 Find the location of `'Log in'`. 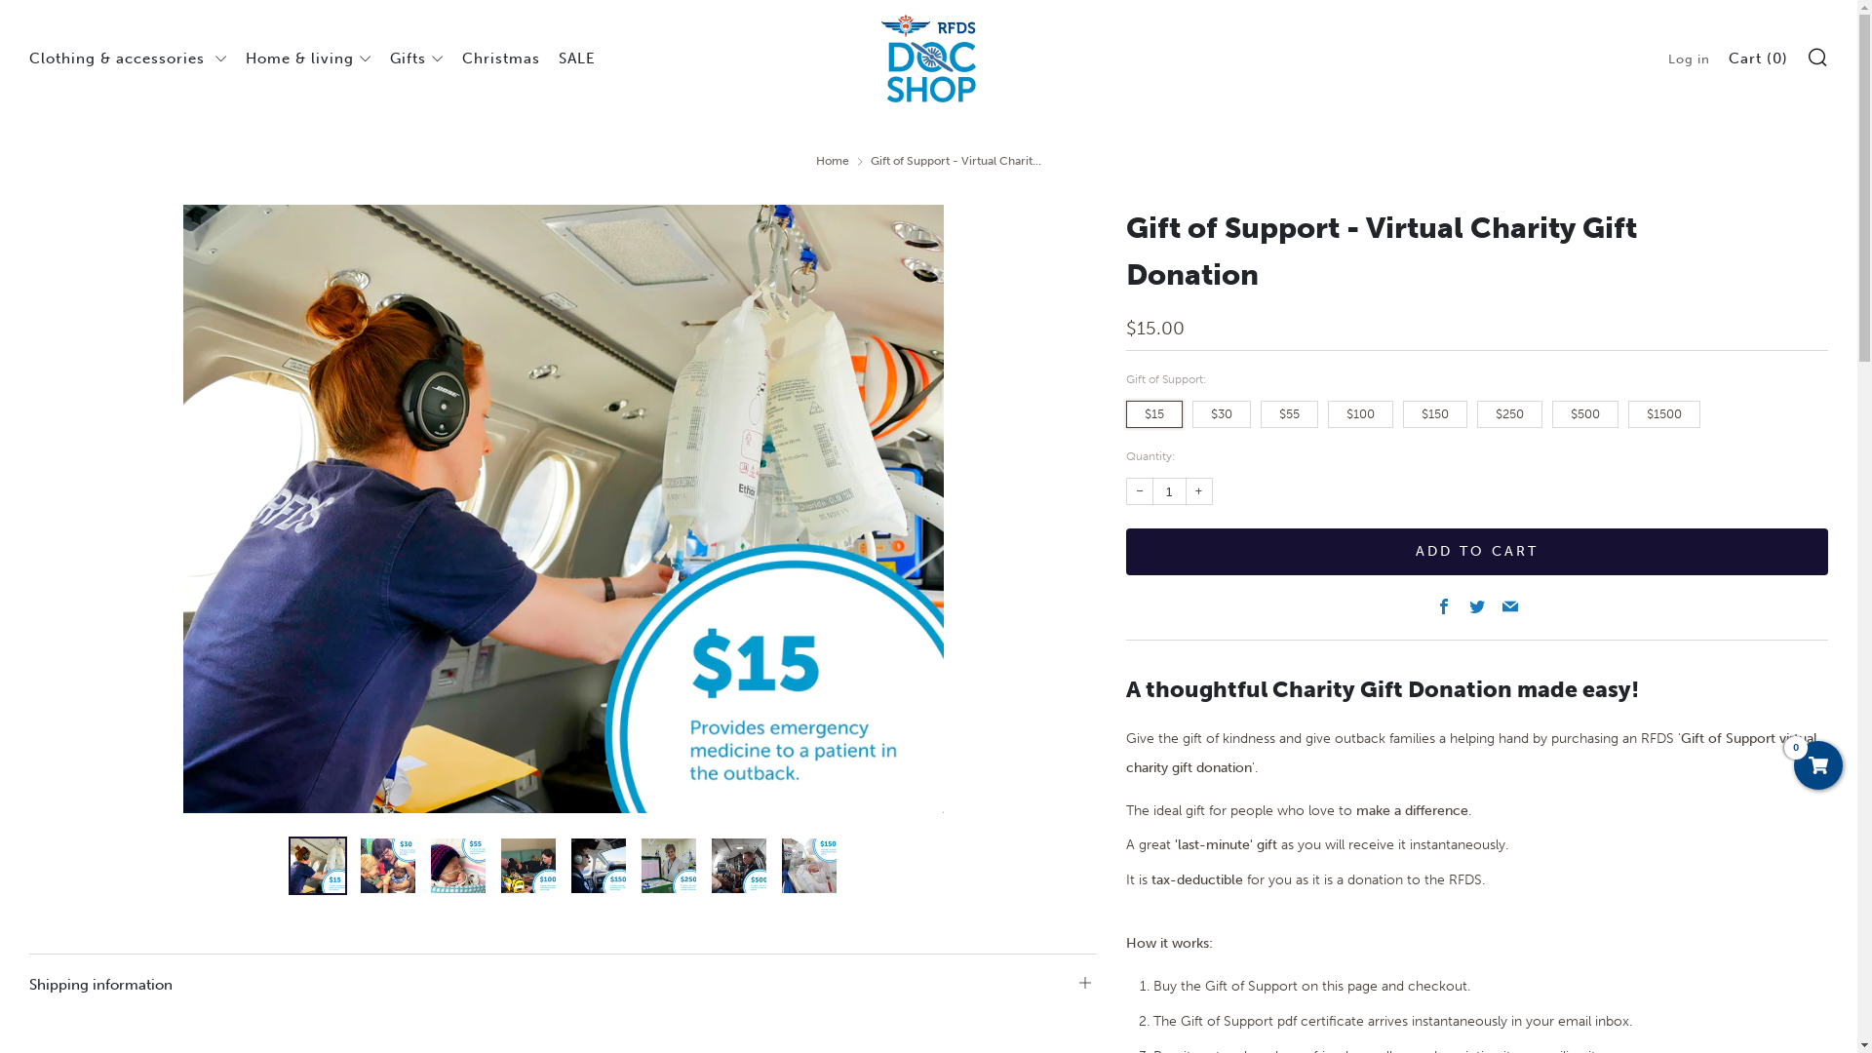

'Log in' is located at coordinates (1666, 58).